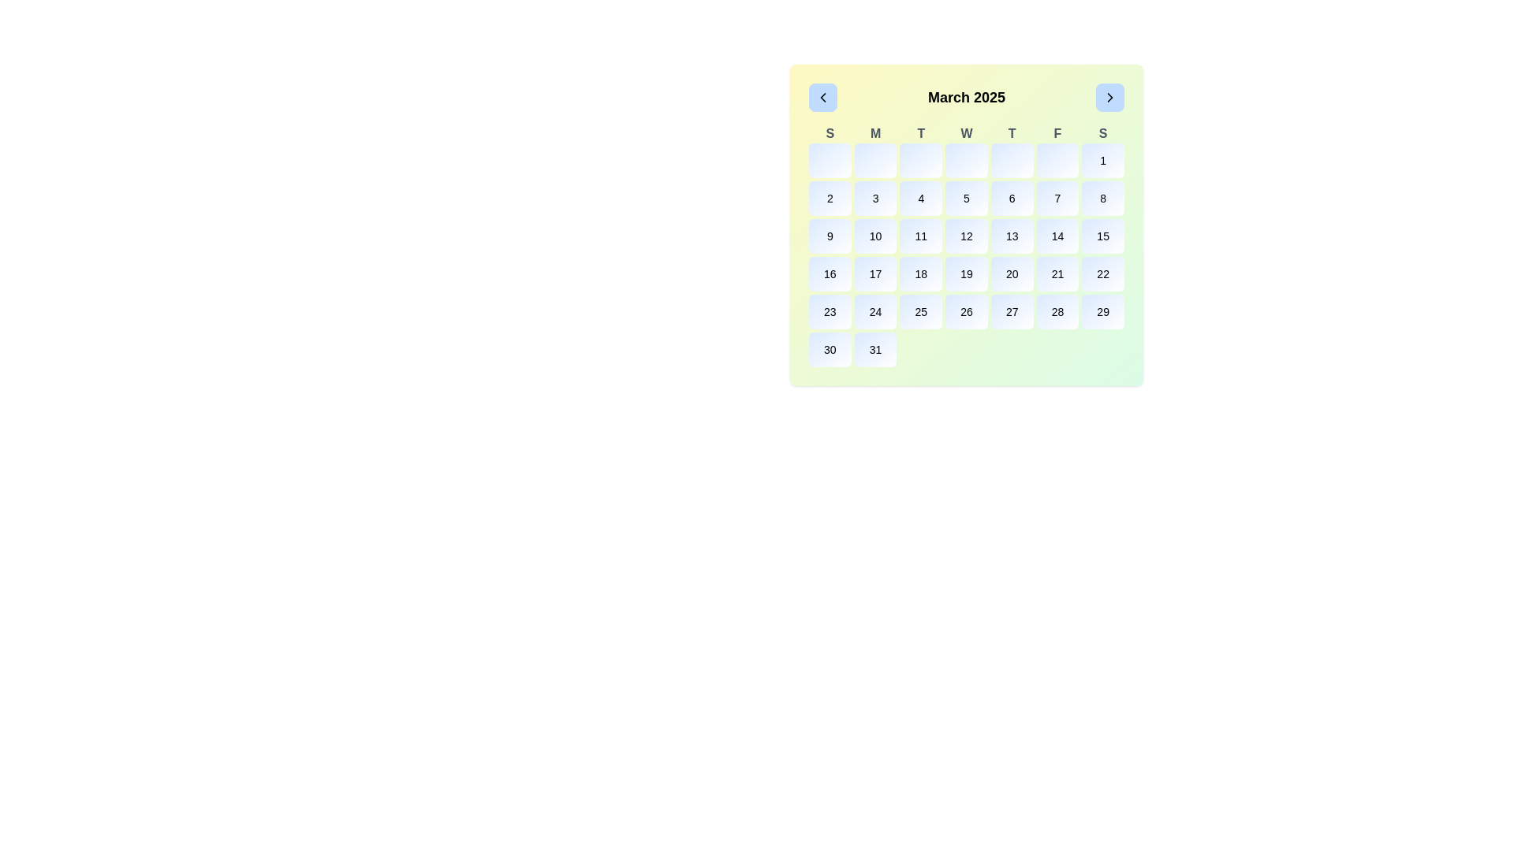 The image size is (1514, 851). I want to click on the small rounded square button with a gradient background displaying the number '22', so click(1102, 273).